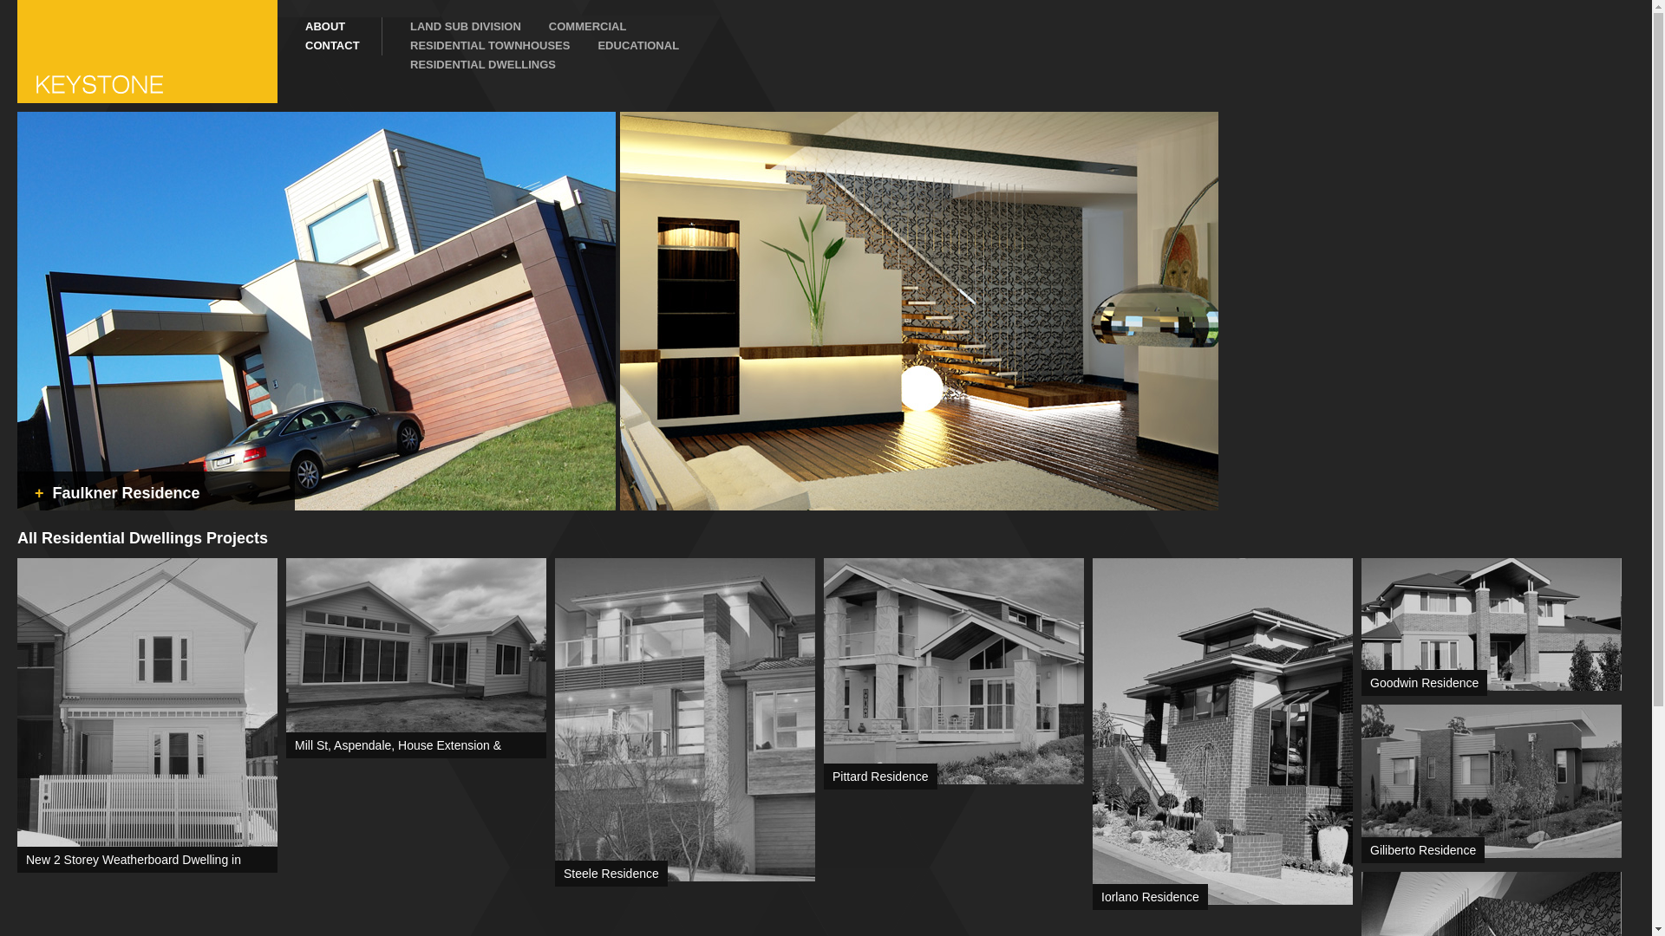 The image size is (1665, 936). Describe the element at coordinates (329, 45) in the screenshot. I see `'CONTACT'` at that location.